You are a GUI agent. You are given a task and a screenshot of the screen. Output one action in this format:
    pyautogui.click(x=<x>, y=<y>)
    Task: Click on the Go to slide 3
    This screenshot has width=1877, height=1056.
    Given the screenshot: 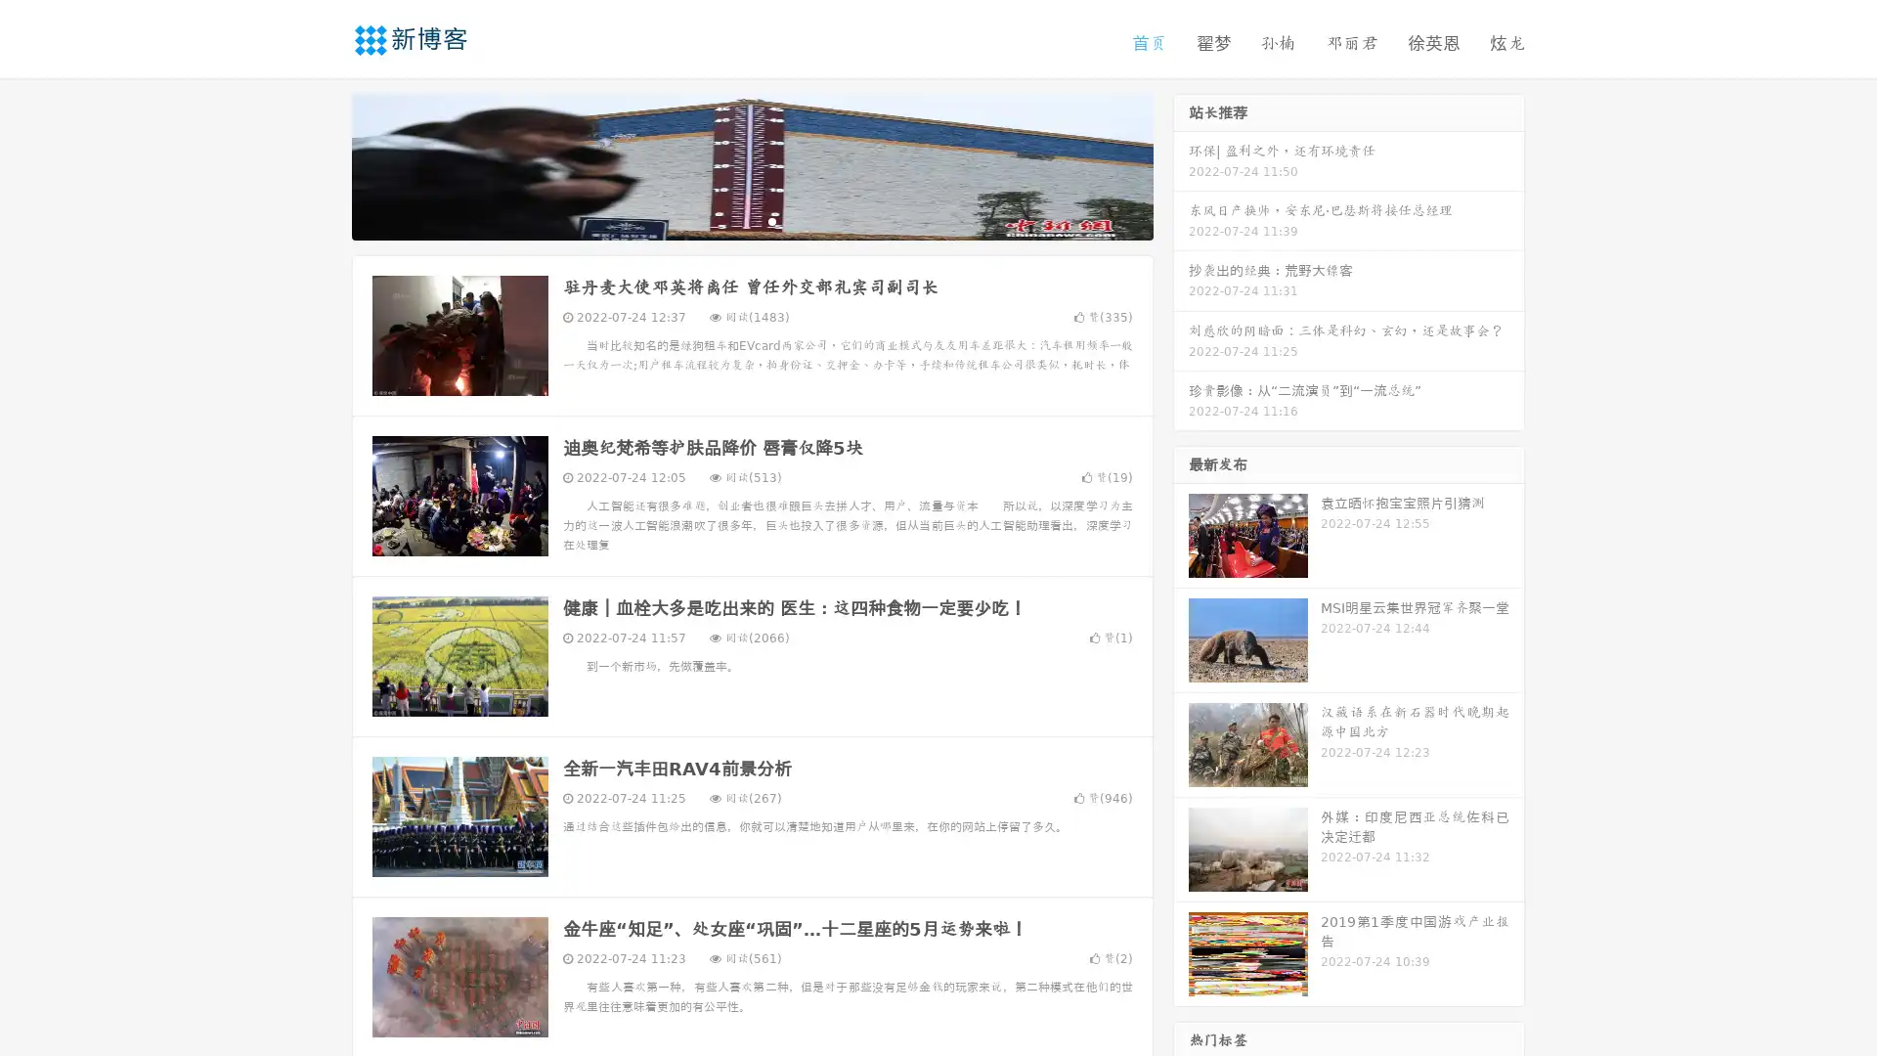 What is the action you would take?
    pyautogui.click(x=771, y=220)
    